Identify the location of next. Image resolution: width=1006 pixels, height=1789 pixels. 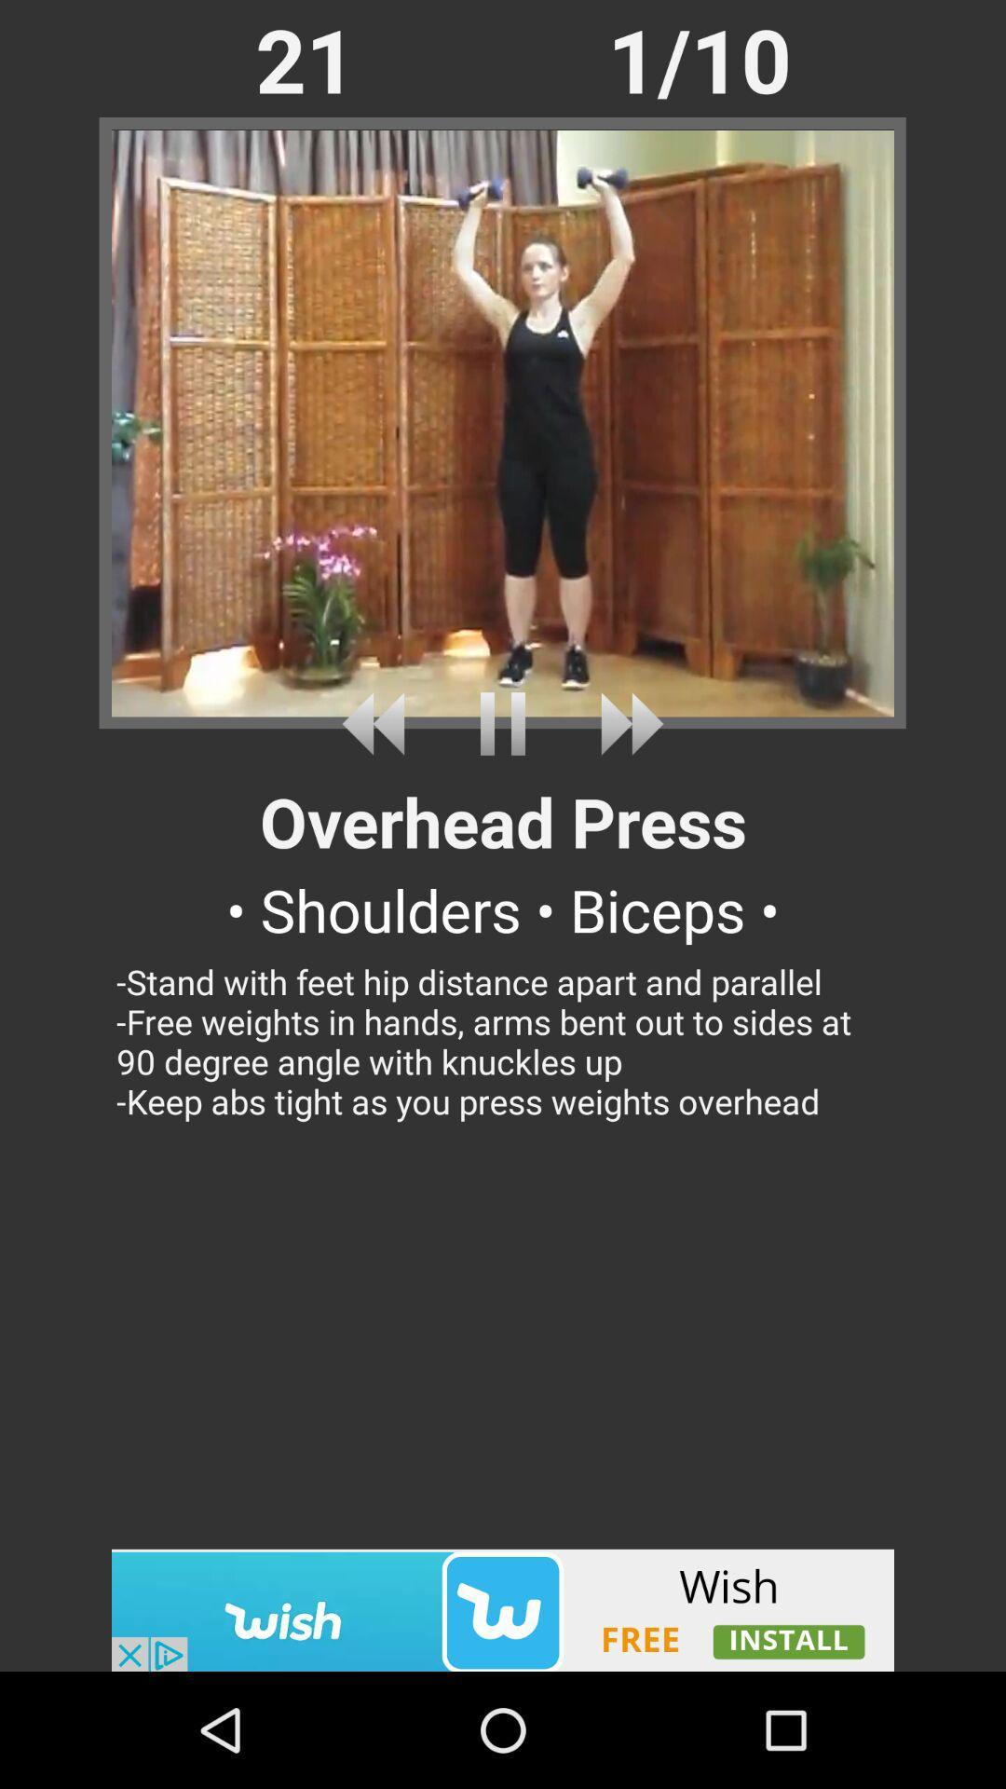
(625, 723).